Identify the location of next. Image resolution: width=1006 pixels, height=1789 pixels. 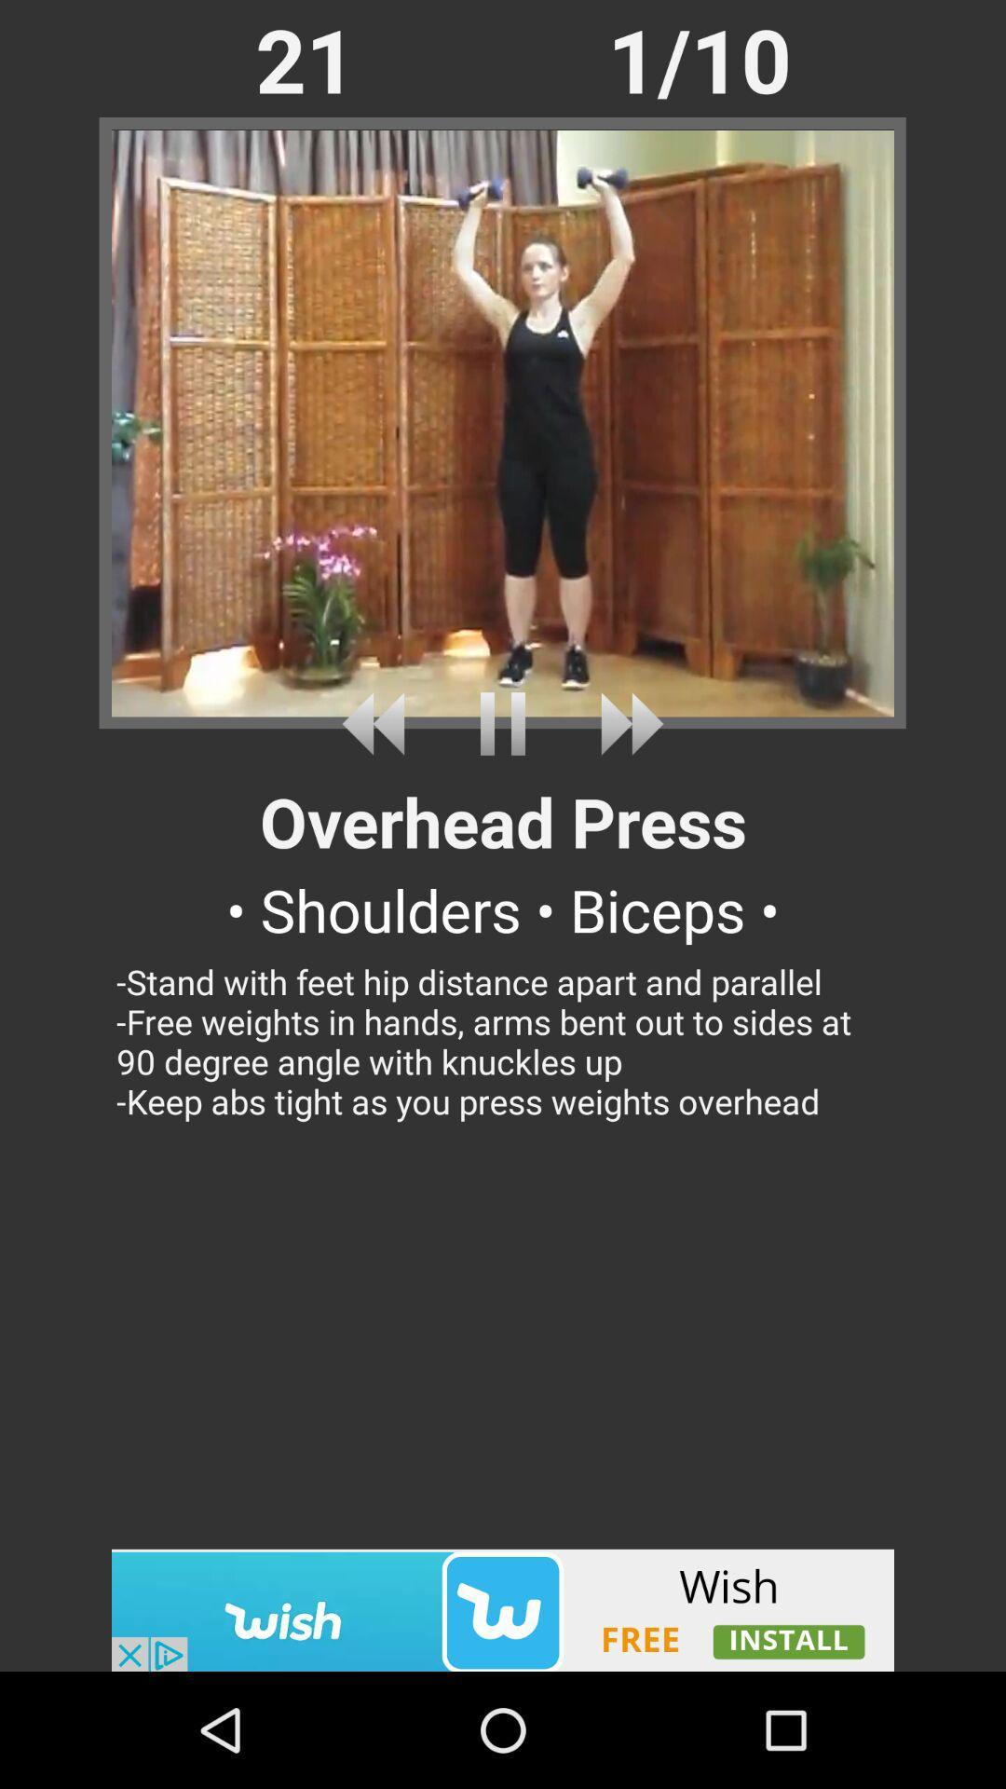
(625, 723).